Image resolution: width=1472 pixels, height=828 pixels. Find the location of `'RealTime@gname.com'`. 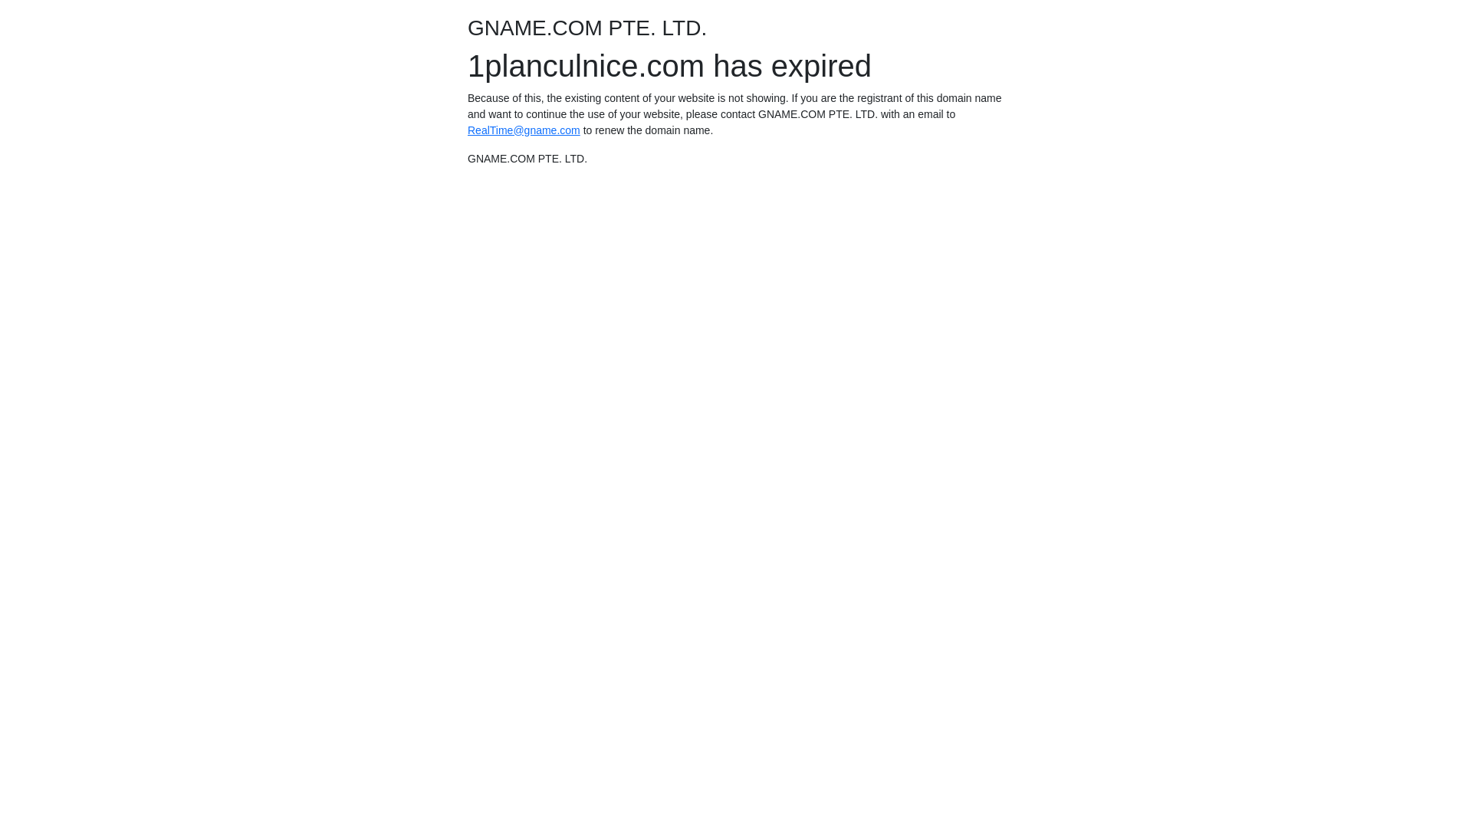

'RealTime@gname.com' is located at coordinates (524, 129).